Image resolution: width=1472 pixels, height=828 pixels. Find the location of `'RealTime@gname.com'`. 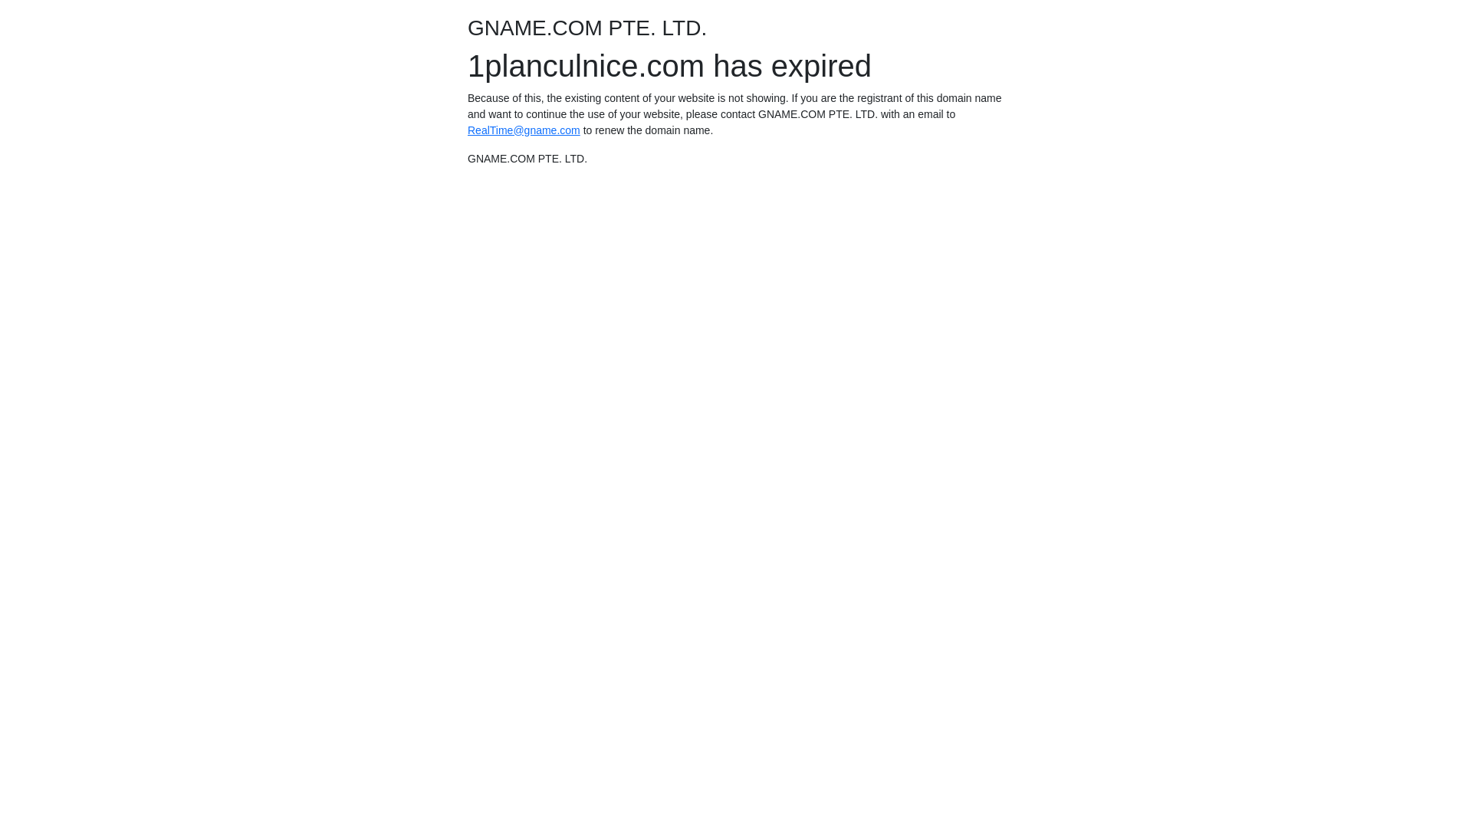

'RealTime@gname.com' is located at coordinates (524, 129).